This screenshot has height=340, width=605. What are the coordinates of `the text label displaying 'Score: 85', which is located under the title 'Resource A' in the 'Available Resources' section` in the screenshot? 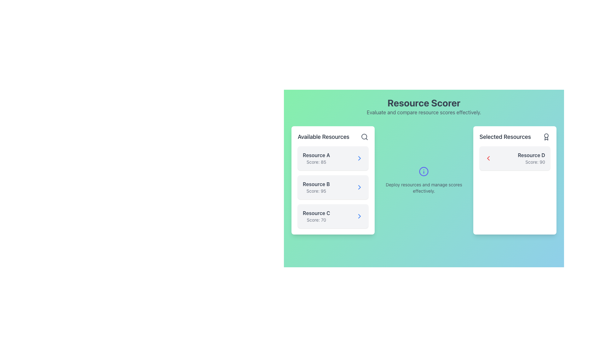 It's located at (316, 162).